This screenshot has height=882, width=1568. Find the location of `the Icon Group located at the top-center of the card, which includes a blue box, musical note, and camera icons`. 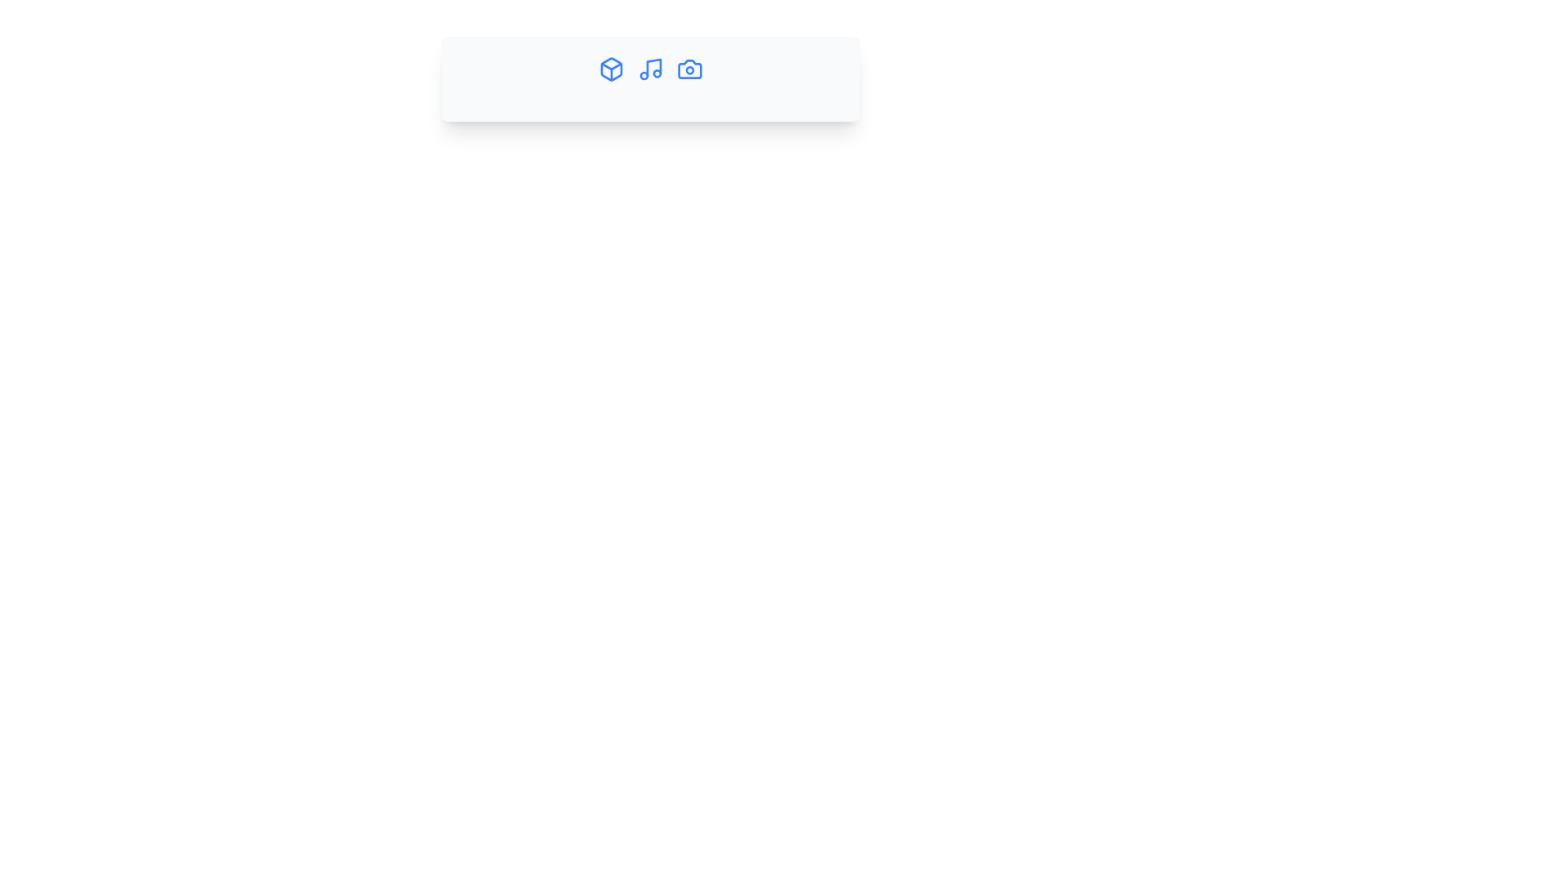

the Icon Group located at the top-center of the card, which includes a blue box, musical note, and camera icons is located at coordinates (649, 68).